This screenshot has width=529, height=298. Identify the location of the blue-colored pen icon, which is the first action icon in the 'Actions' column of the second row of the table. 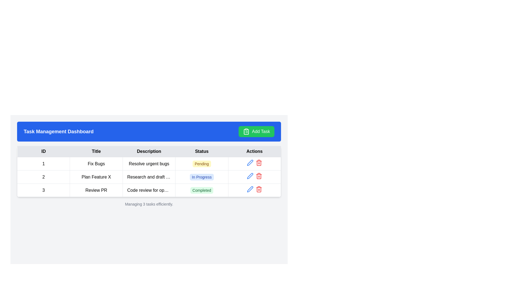
(250, 163).